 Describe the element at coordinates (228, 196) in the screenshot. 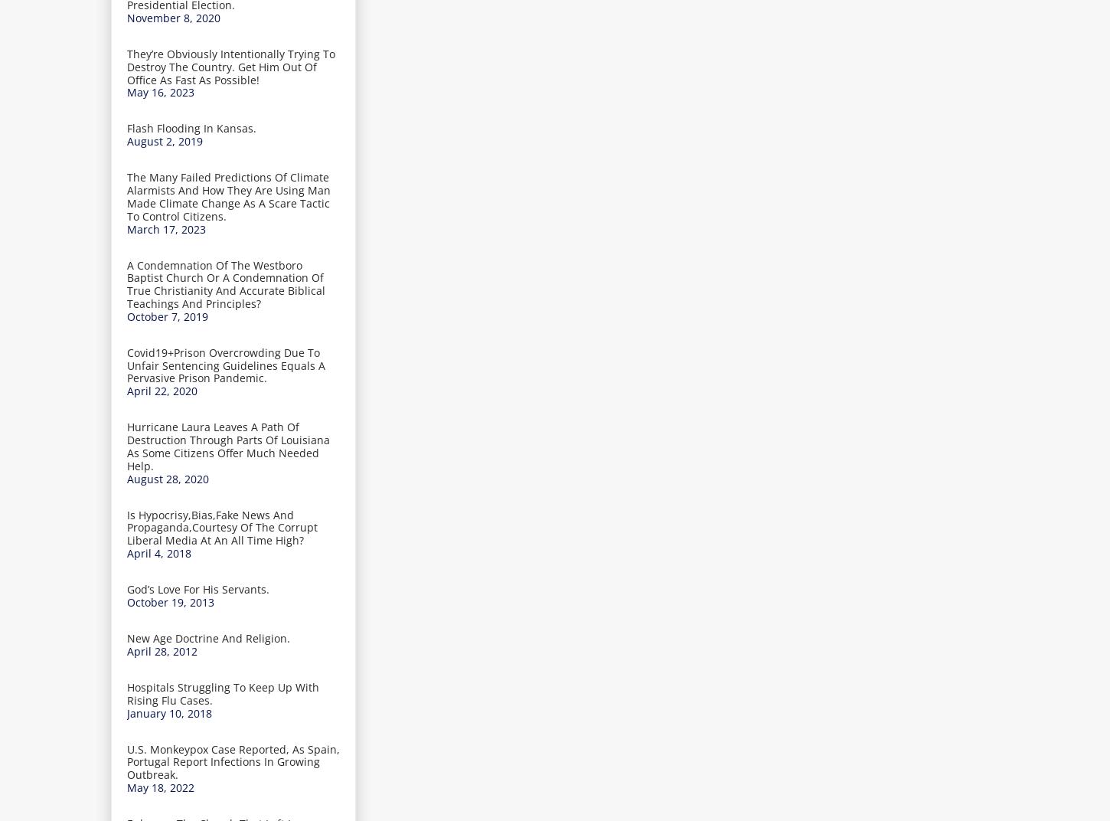

I see `'The Many Failed Predictions Of Climate Alarmists And How They Are Using Man Made Climate Change As A Scare Tactic To Control Citizens.'` at that location.